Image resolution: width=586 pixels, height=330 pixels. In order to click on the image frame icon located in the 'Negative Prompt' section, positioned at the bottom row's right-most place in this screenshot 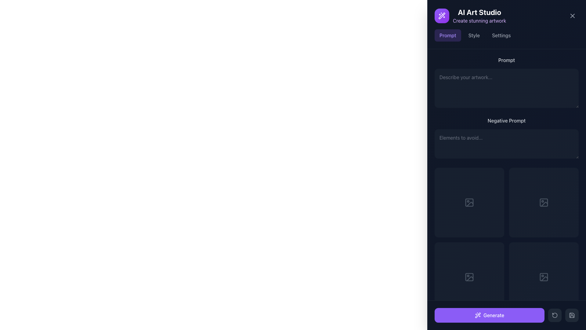, I will do `click(544, 203)`.